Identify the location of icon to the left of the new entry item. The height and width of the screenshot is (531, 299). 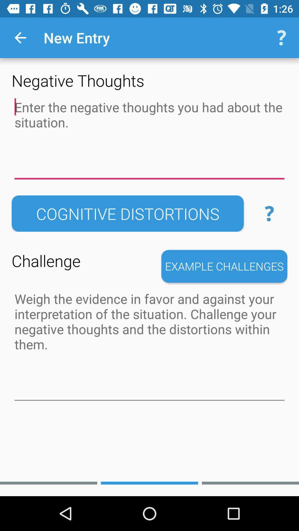
(20, 37).